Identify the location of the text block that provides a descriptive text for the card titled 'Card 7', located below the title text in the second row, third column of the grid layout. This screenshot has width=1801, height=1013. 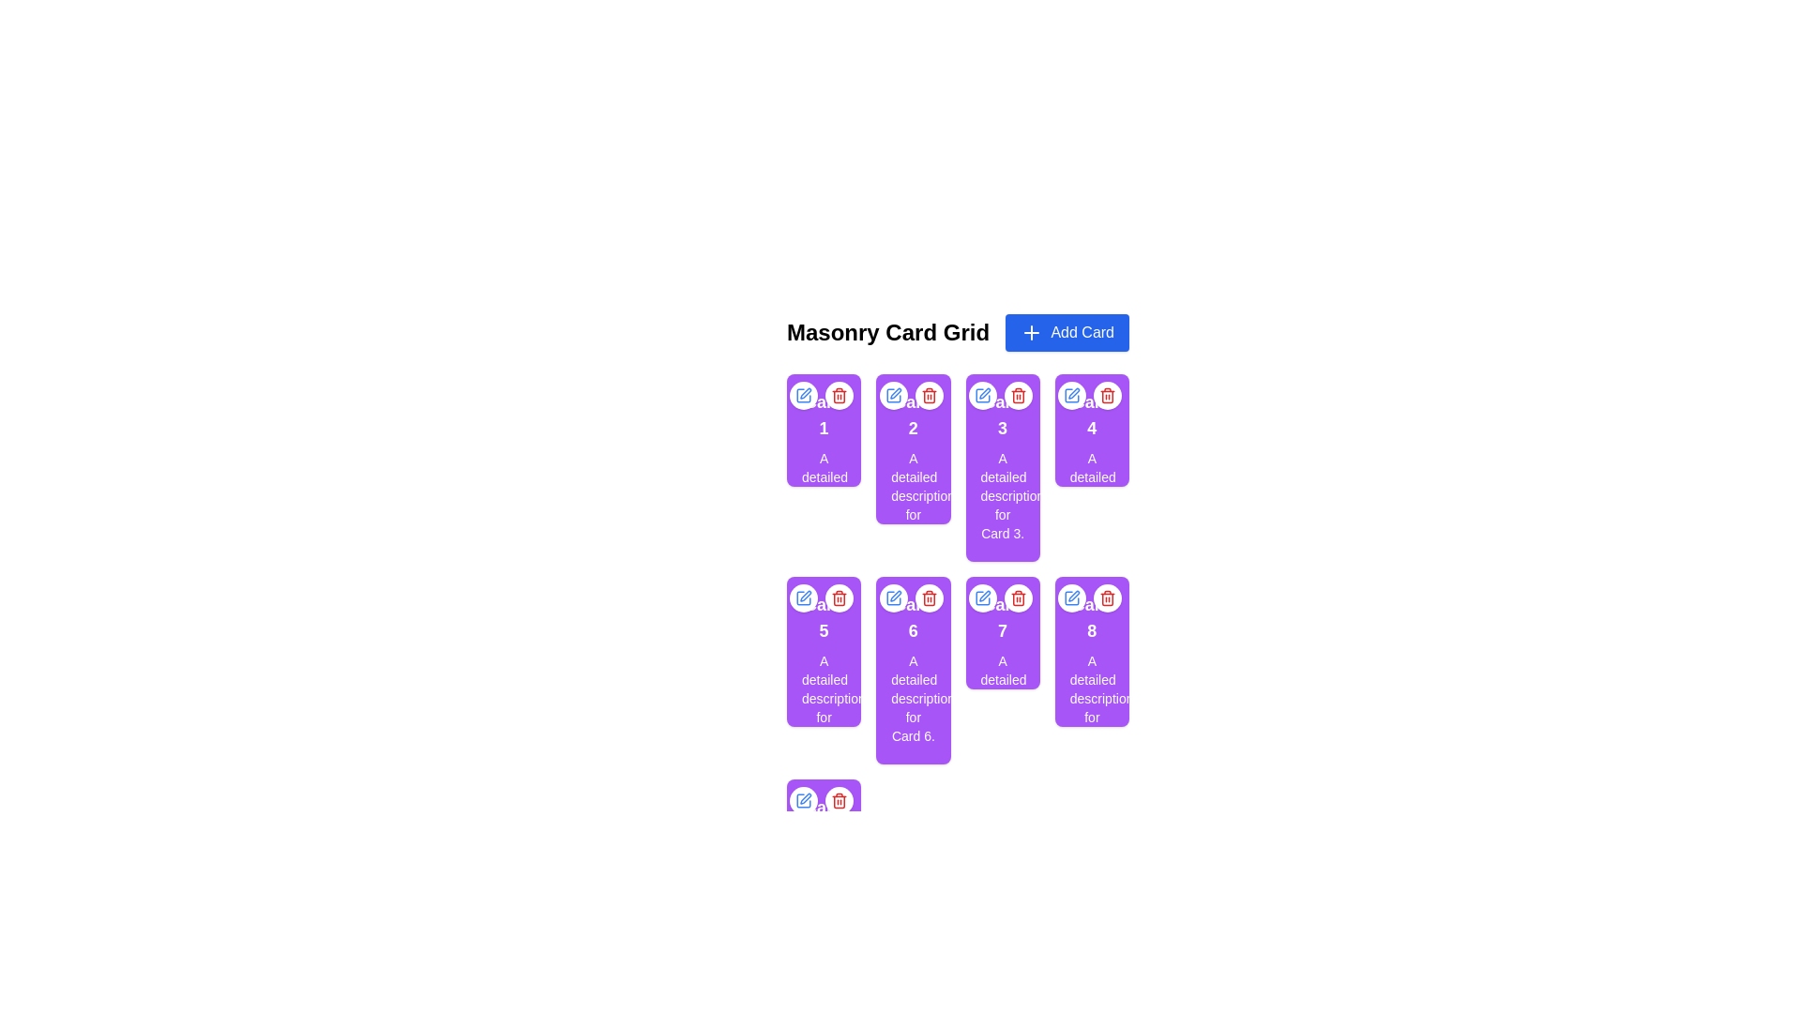
(1002, 698).